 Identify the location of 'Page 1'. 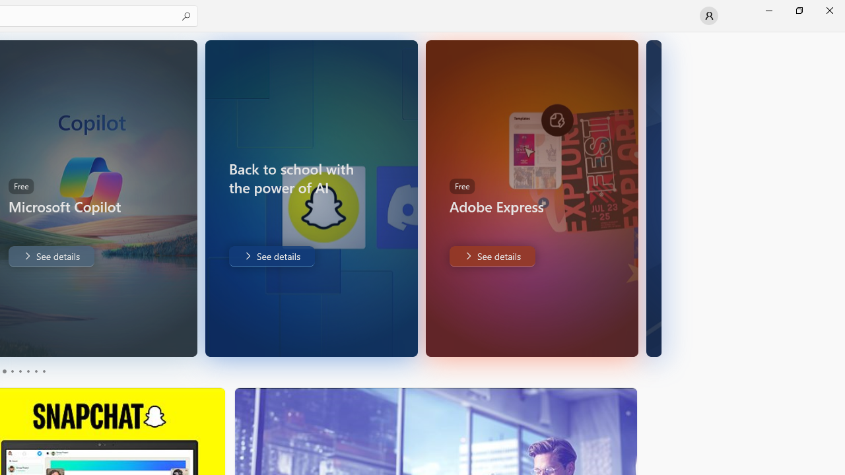
(3, 371).